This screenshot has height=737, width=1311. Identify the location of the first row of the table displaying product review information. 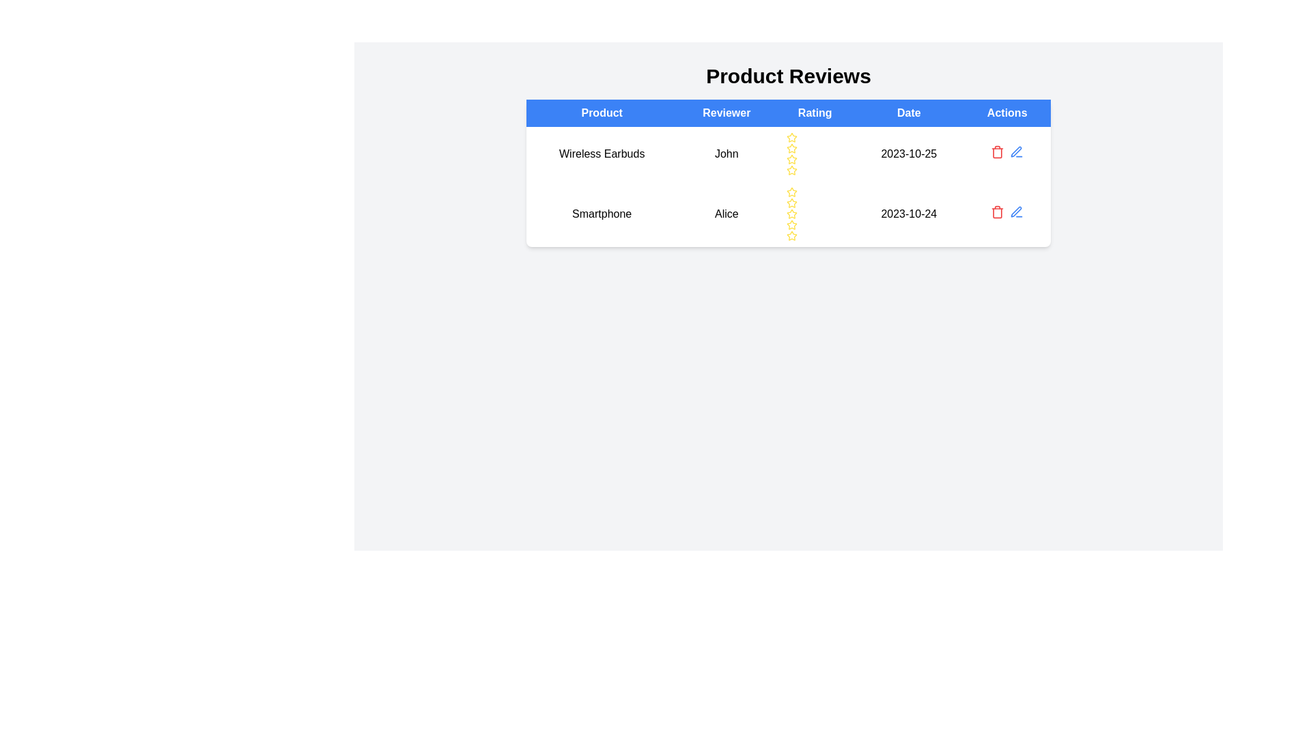
(789, 154).